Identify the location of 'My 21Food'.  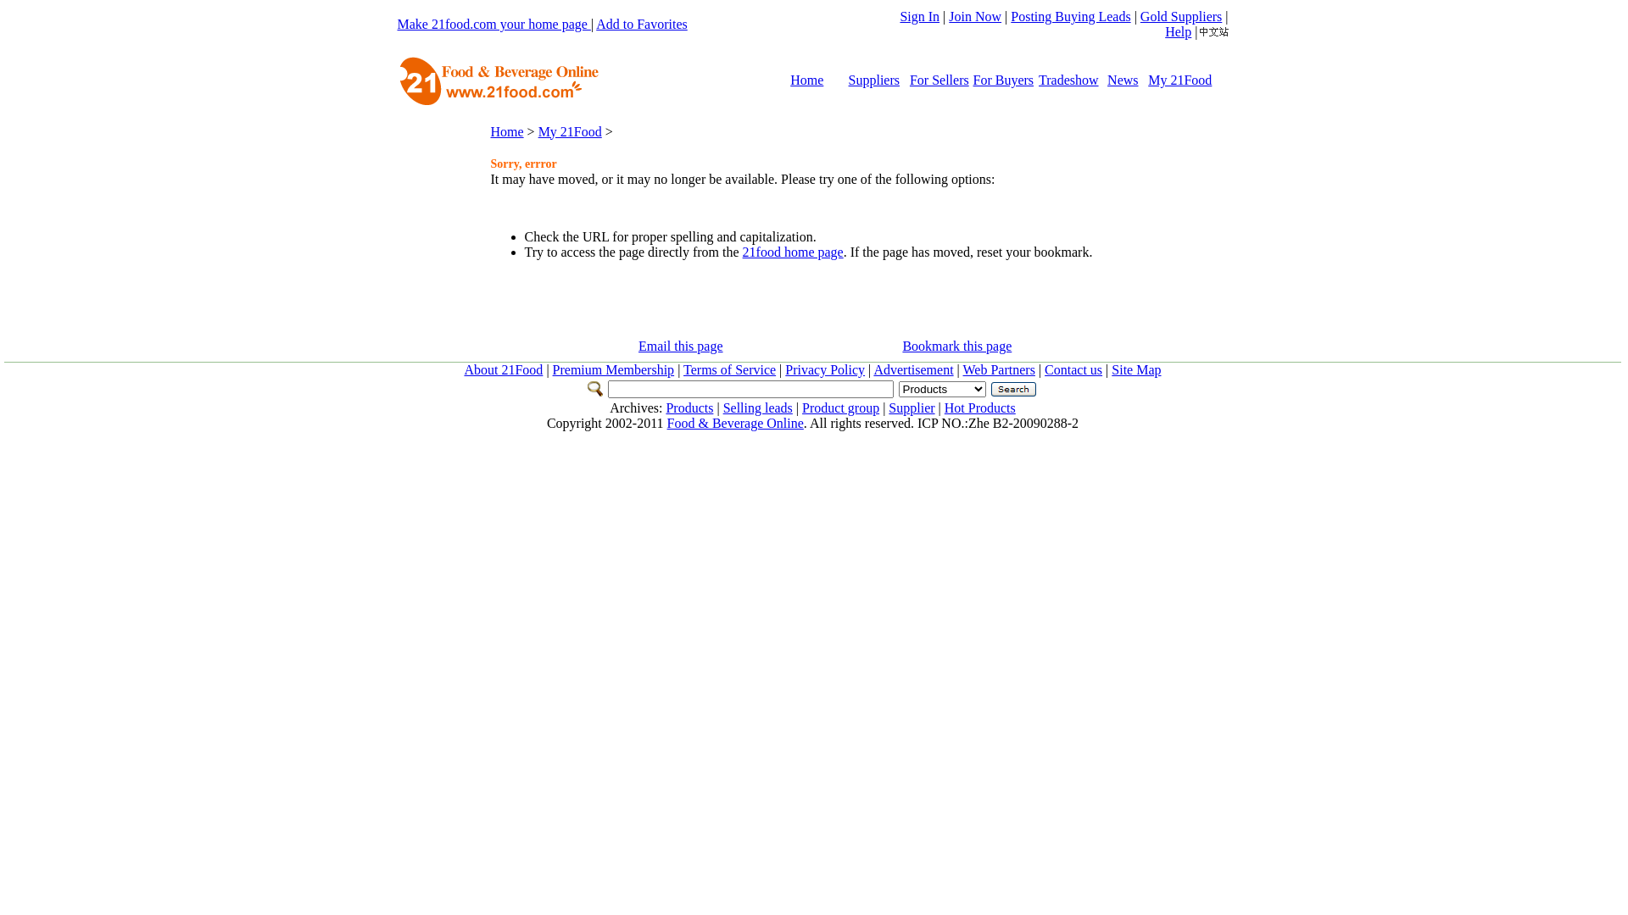
(537, 130).